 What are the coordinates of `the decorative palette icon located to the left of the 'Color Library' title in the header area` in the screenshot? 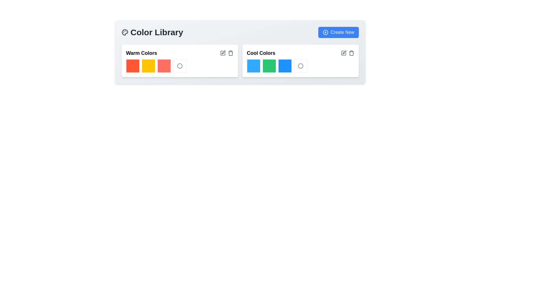 It's located at (124, 32).